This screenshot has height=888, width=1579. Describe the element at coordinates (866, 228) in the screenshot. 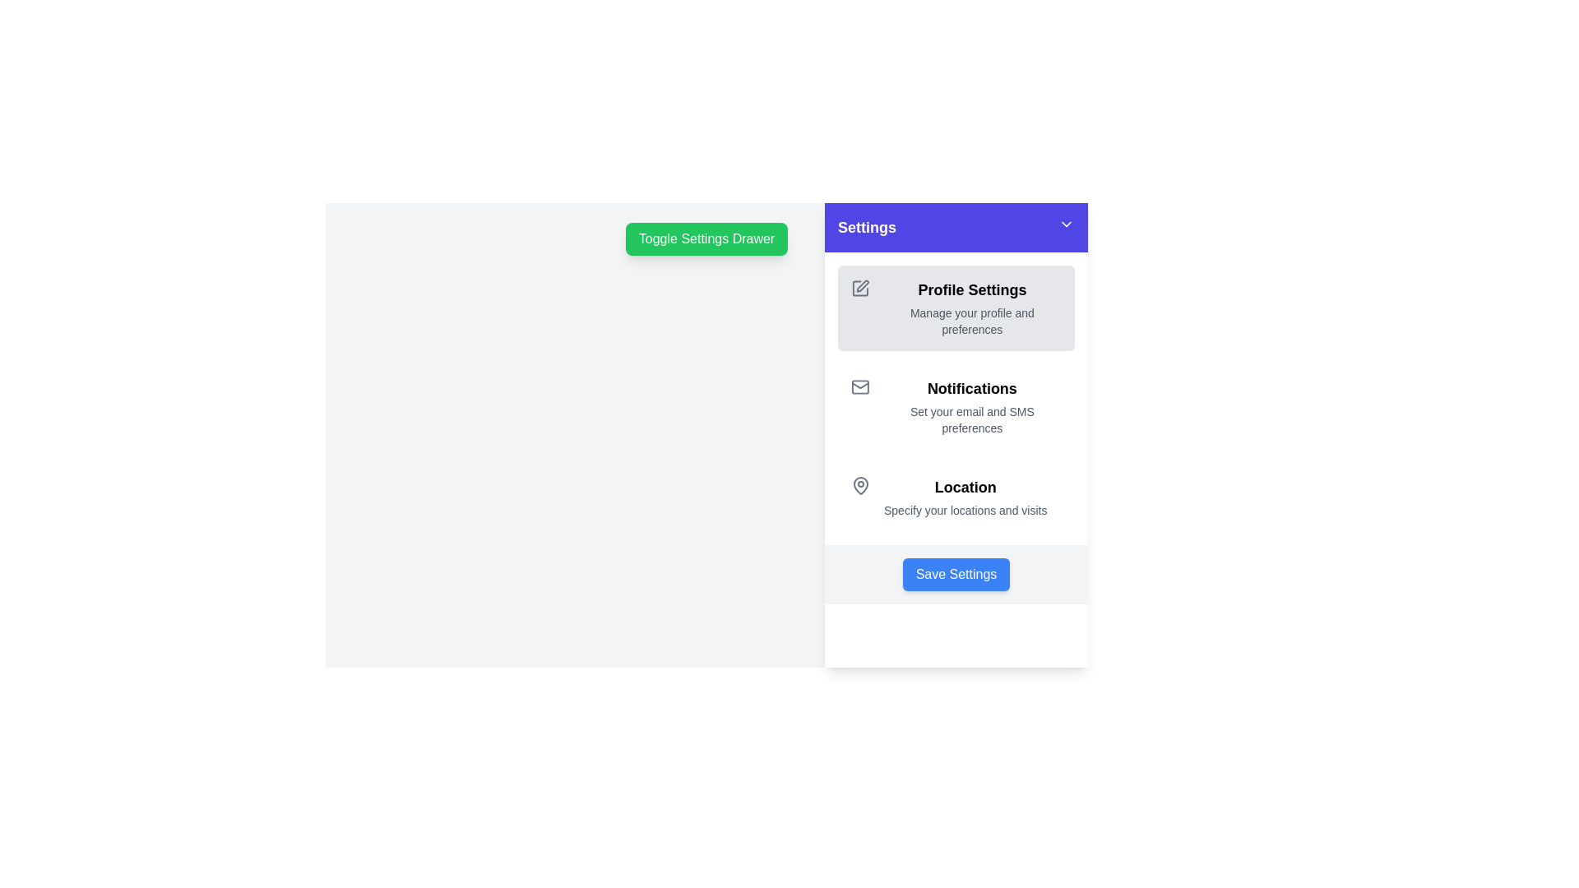

I see `the 'Settings' text label, which is styled in bold white font on an indigo-blue background, located in the top bar of the settings sidebar` at that location.